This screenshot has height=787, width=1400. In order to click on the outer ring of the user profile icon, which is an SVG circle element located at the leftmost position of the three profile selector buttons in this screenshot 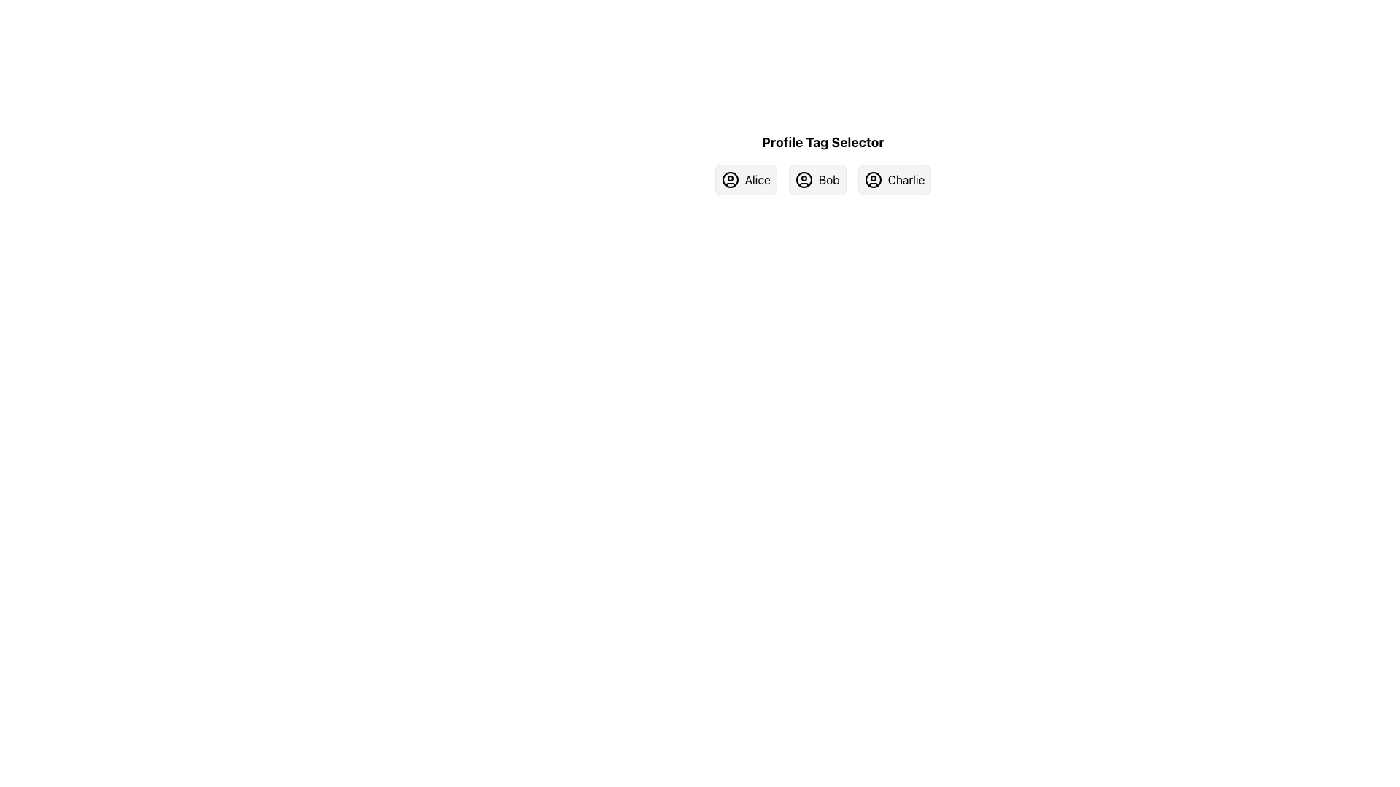, I will do `click(730, 179)`.